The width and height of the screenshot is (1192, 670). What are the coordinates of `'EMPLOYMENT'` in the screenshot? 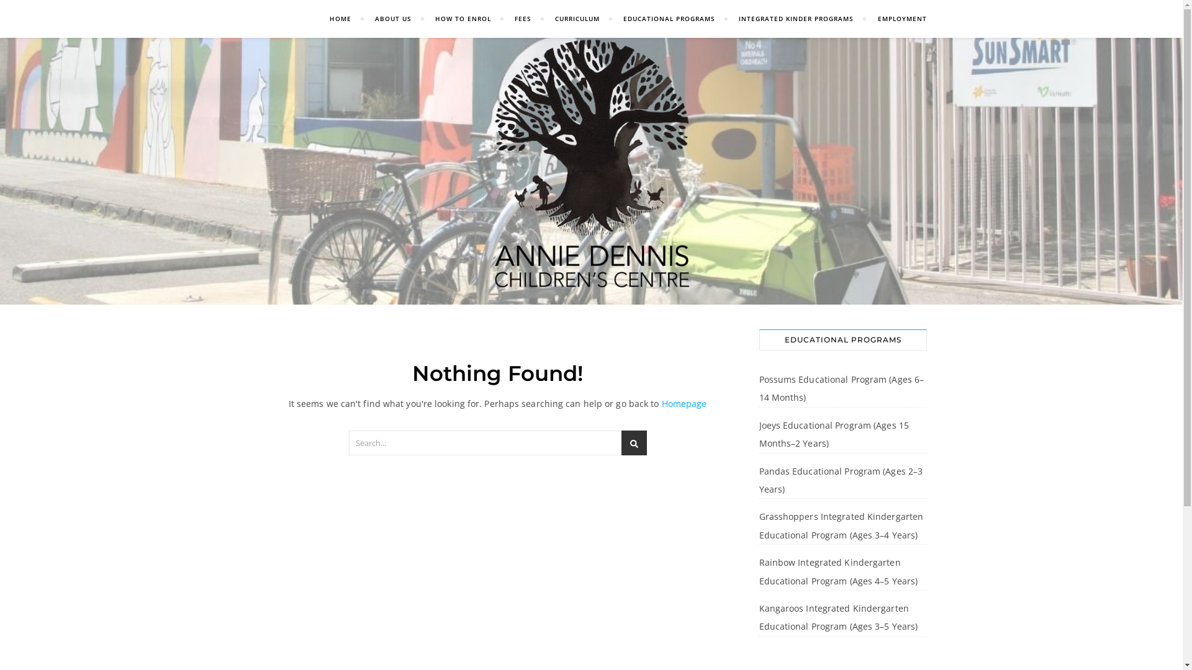 It's located at (866, 19).